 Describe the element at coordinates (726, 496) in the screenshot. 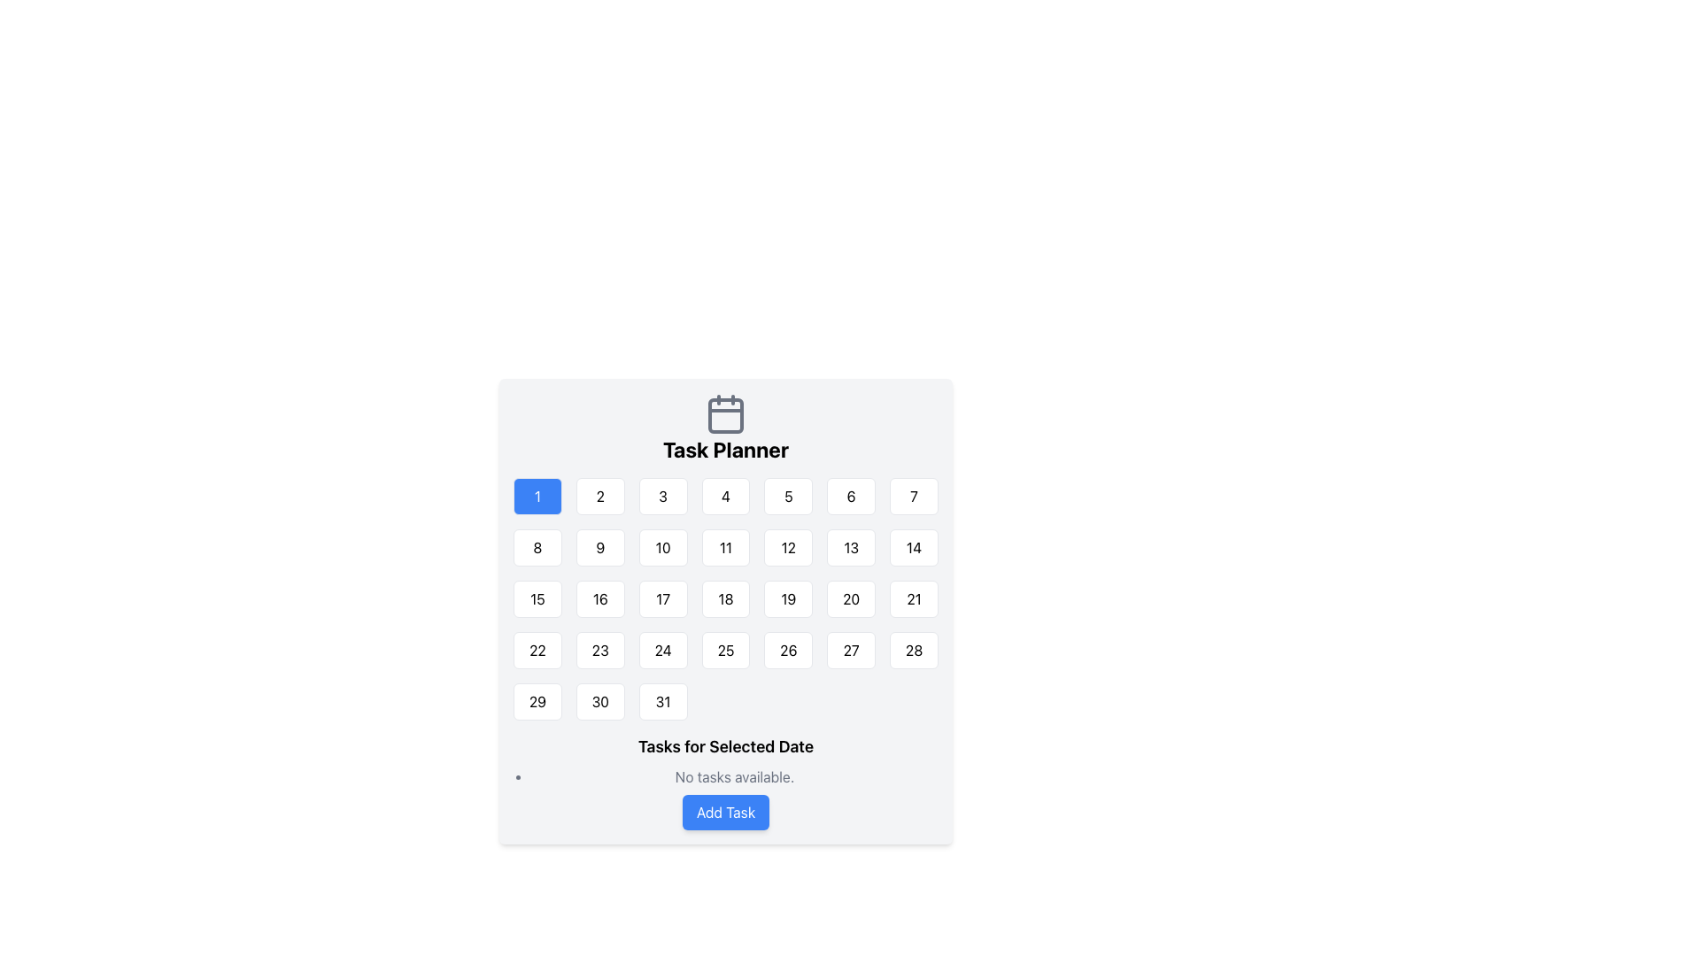

I see `the button that selects a specific day in the calendar, located in the first row, fourth column of the grid, adjacent to '3' on the left and '5' on the right` at that location.